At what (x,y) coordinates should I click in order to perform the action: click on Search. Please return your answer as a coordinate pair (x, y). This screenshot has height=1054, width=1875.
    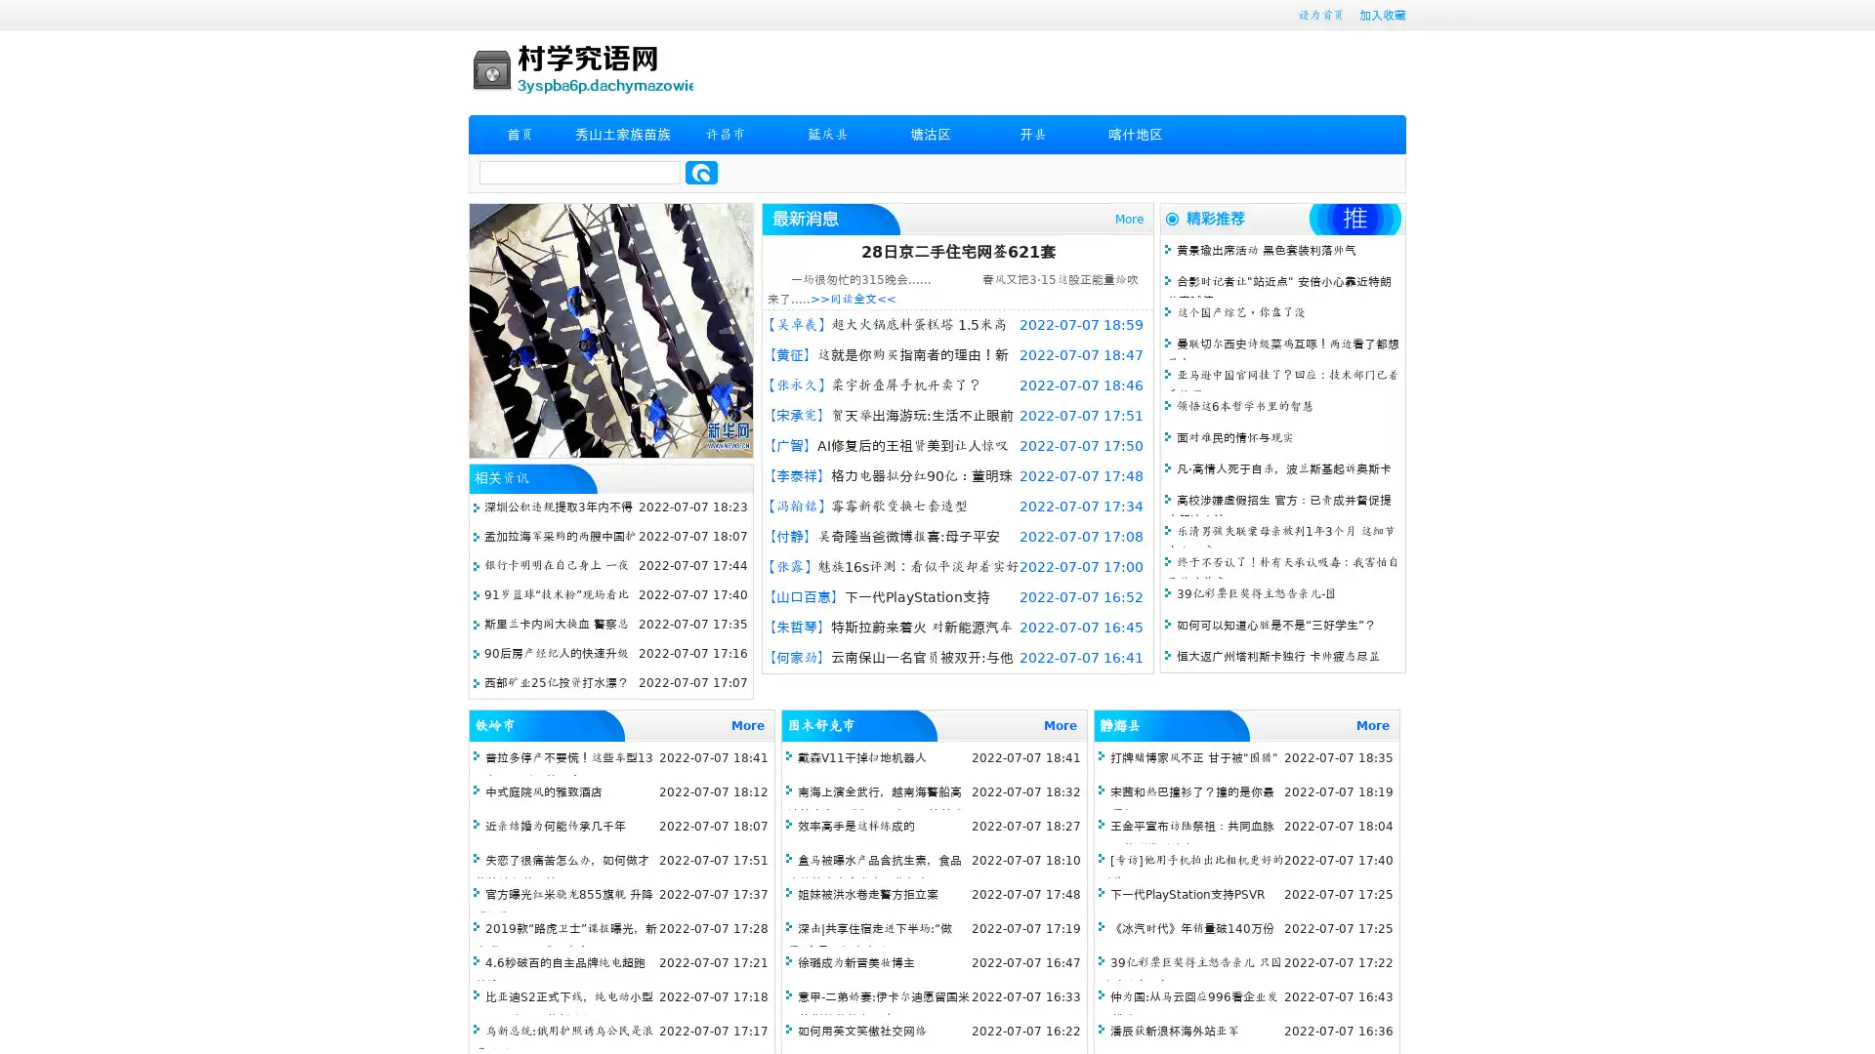
    Looking at the image, I should click on (701, 172).